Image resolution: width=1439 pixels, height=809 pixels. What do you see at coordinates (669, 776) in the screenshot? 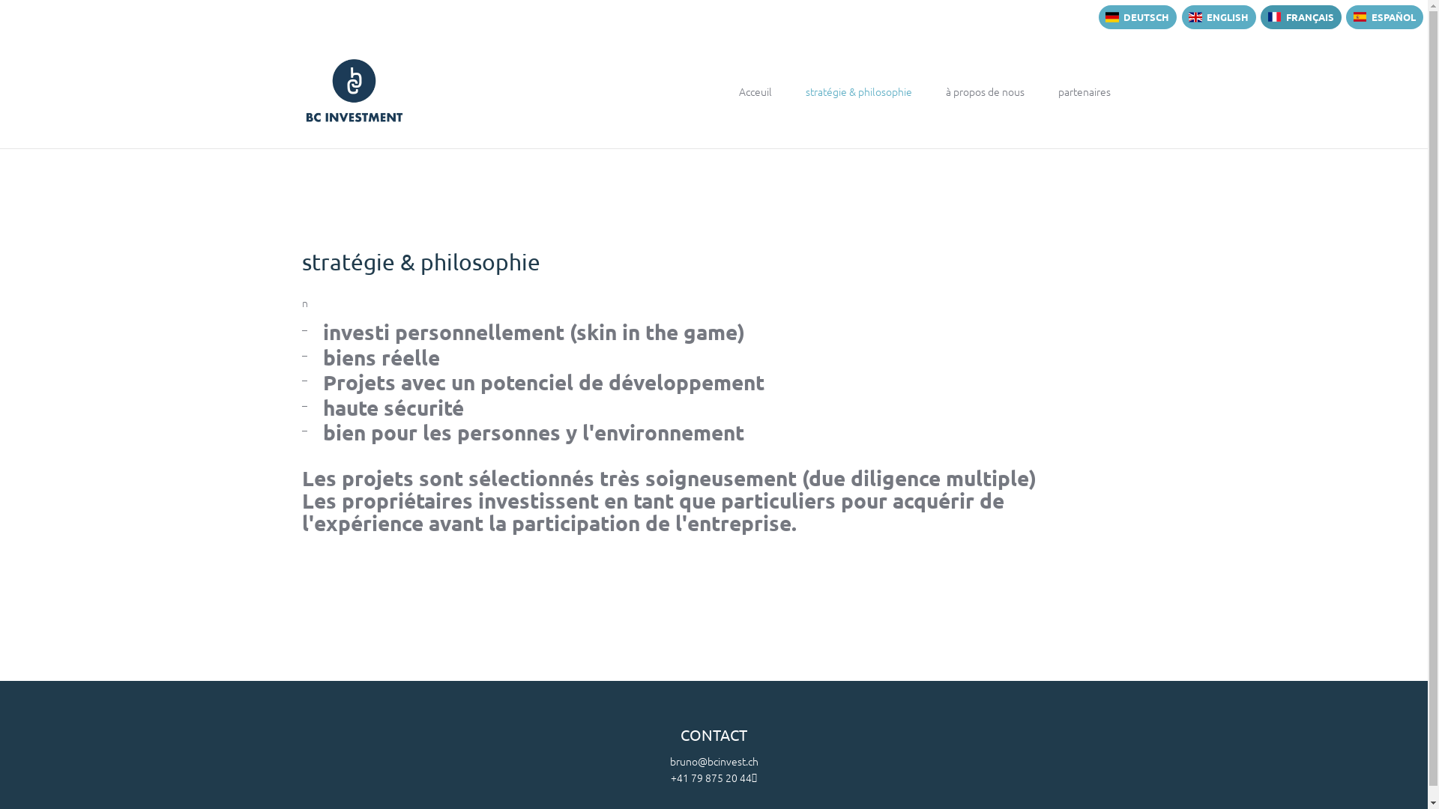
I see `'+41 79 875 20 44'` at bounding box center [669, 776].